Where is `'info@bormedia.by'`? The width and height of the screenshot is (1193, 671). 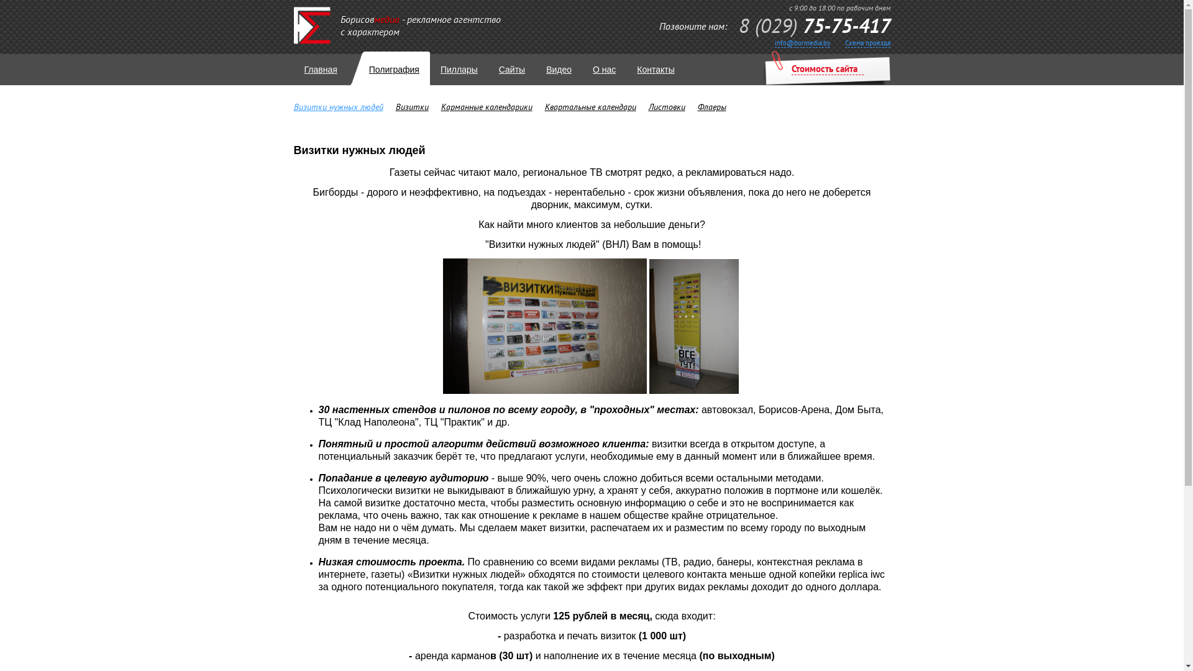
'info@bormedia.by' is located at coordinates (774, 42).